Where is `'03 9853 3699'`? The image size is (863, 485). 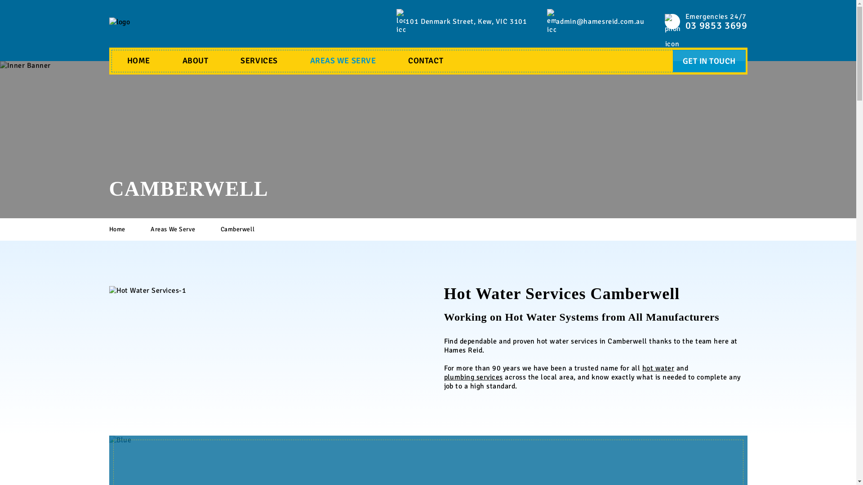 '03 9853 3699' is located at coordinates (685, 26).